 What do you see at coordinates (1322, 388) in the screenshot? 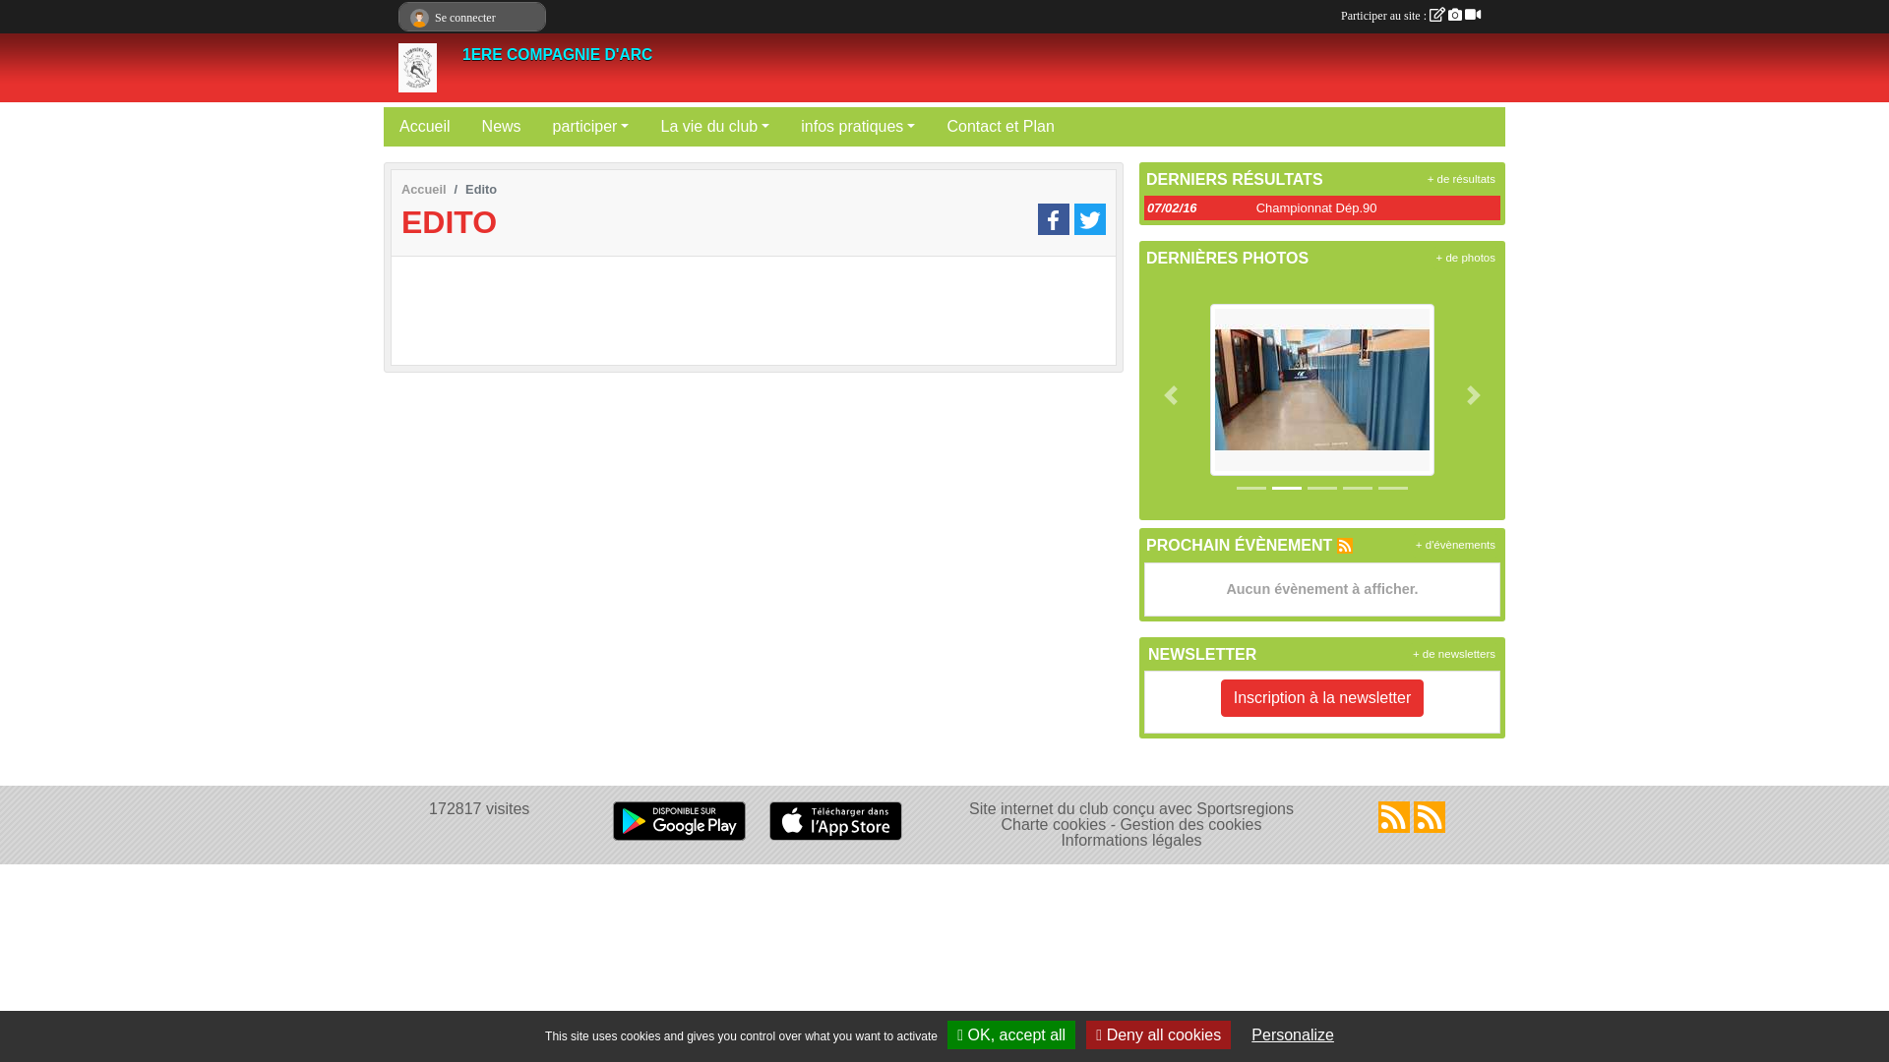
I see `'NATURE INDOOR 08 02 2020'` at bounding box center [1322, 388].